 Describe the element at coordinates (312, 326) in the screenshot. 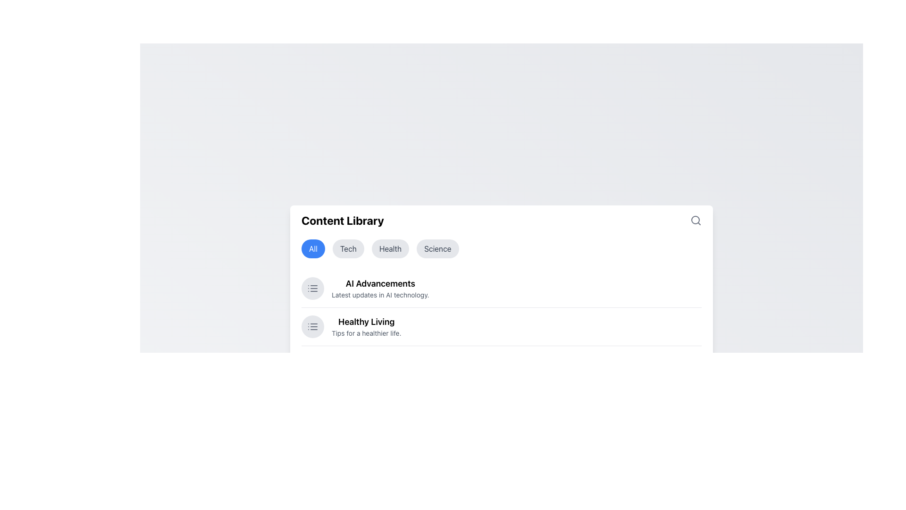

I see `the circular icon with a light gray background and three horizontal lines resembling a list, located in the left portion of the 'Healthy Living' section, preceding the text 'Tips for a healthier life.'` at that location.